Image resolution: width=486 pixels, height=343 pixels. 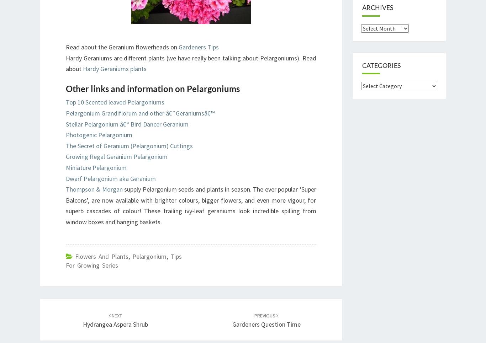 I want to click on 'Other links and information on Pelargoniums', so click(x=152, y=88).